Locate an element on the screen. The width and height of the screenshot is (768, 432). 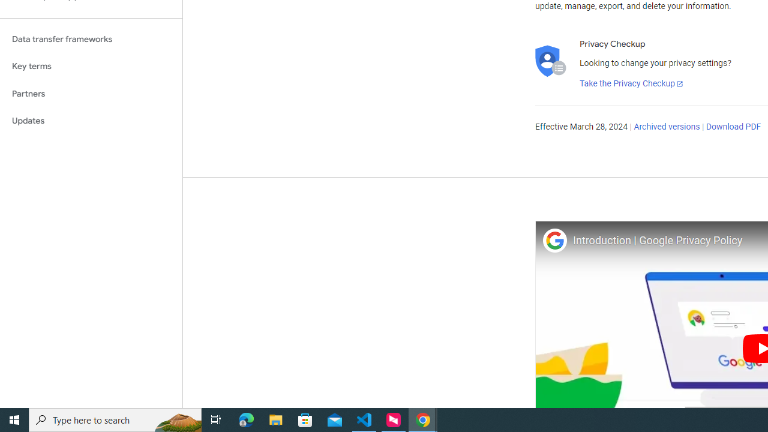
'Take the Privacy Checkup' is located at coordinates (631, 83).